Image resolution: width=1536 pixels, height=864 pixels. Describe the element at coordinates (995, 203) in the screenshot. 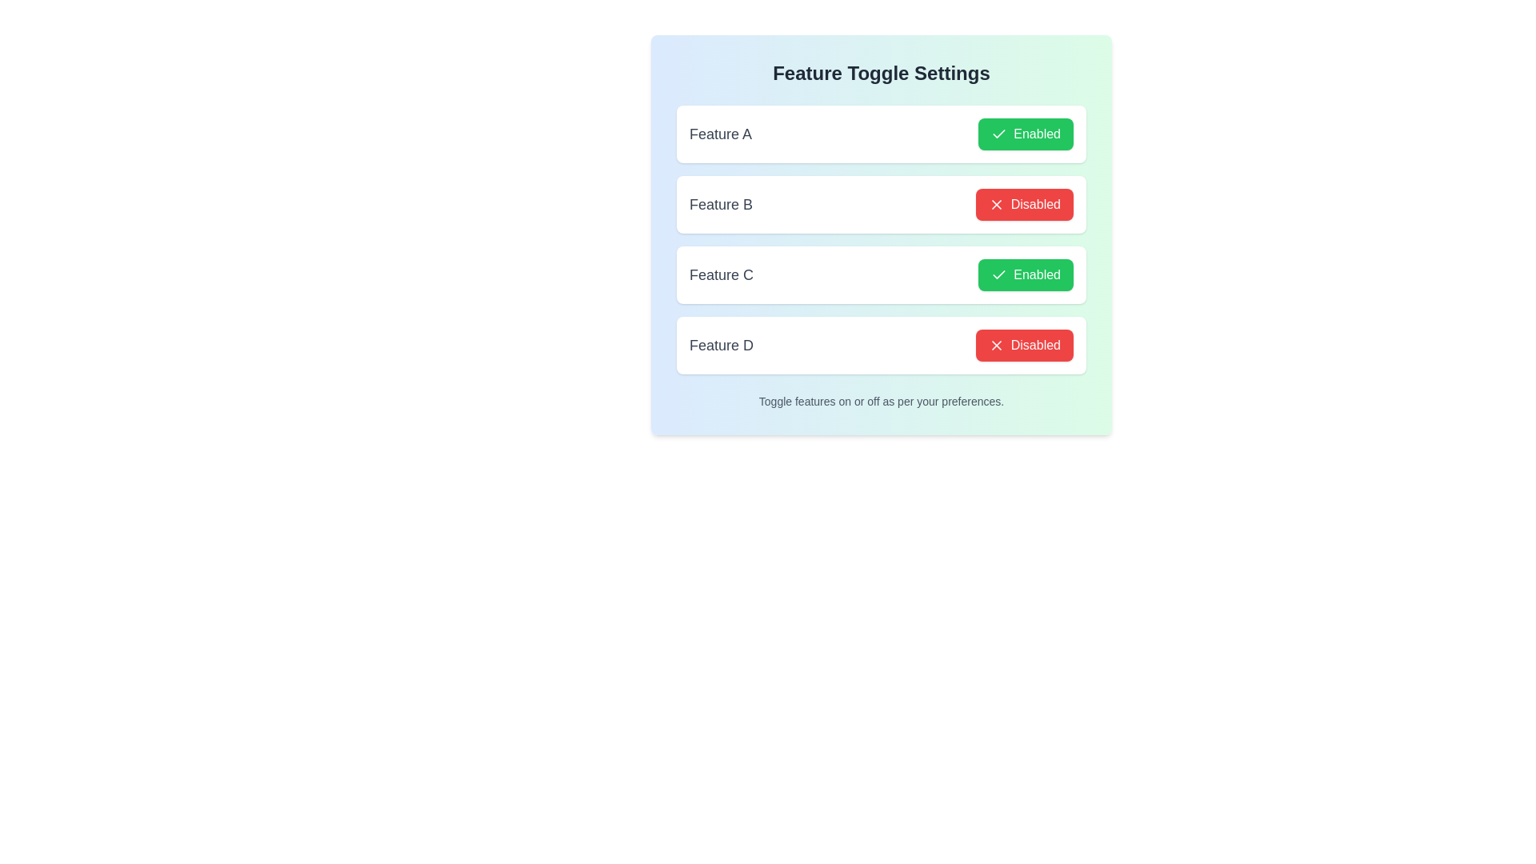

I see `the red 'X' icon located inside the 'Disabled' button in the feature toggle settings for 'Feature B'` at that location.